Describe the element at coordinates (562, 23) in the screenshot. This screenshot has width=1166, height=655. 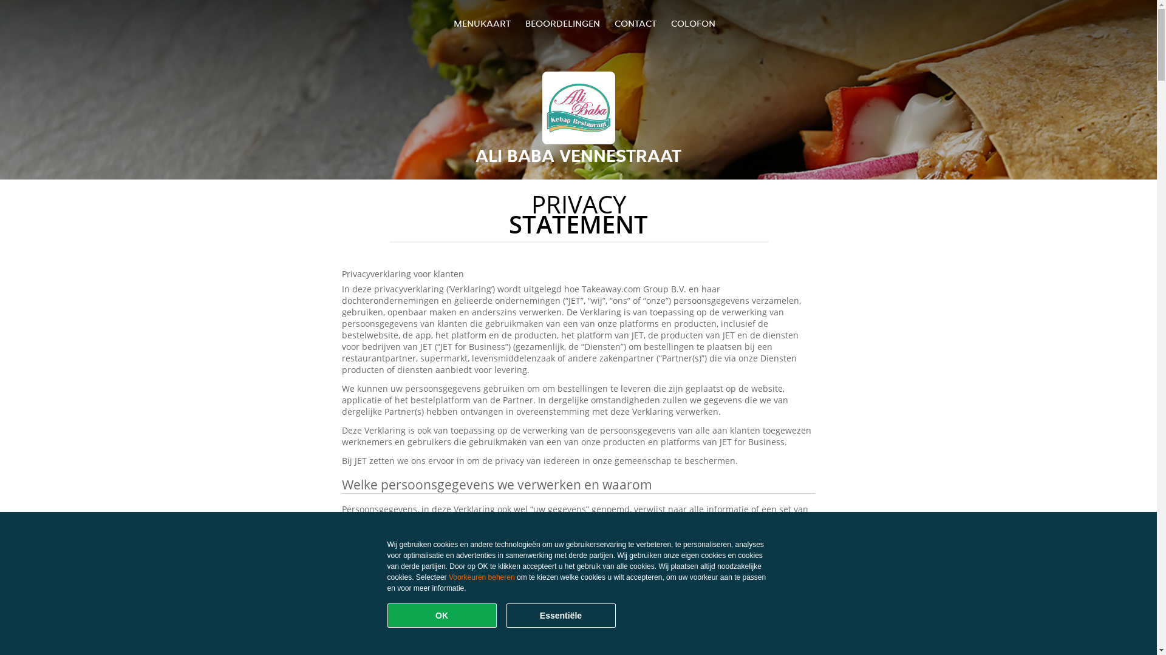
I see `'BEOORDELINGEN'` at that location.